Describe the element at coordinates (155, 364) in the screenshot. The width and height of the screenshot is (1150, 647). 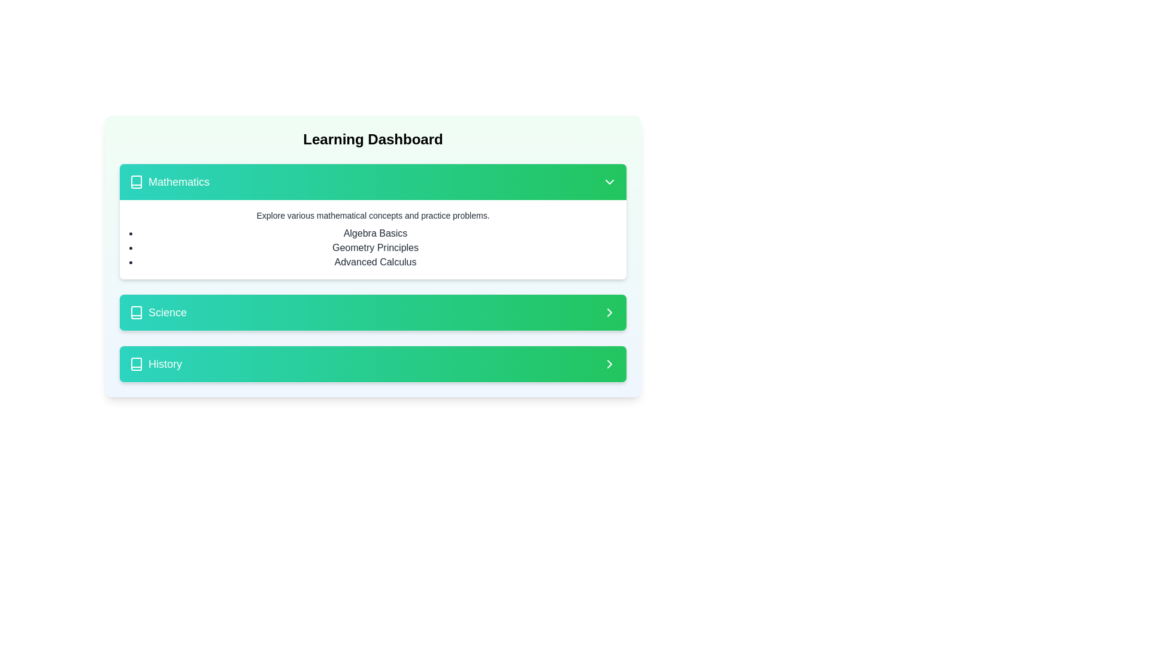
I see `the 'History' text label with an adjacent book icon, which is styled with 'text-lg font-medium' and is positioned at the bottom item of a list group` at that location.